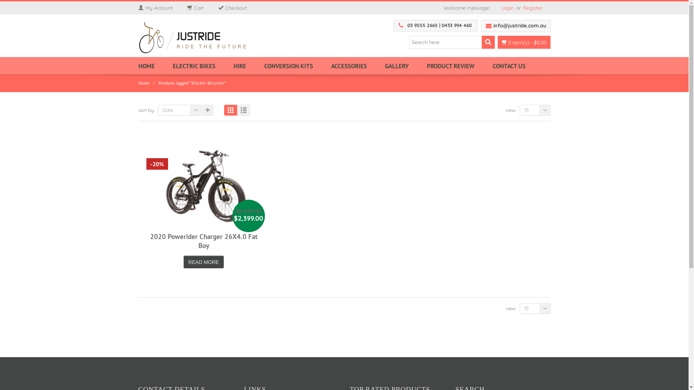 The image size is (694, 390). Describe the element at coordinates (459, 65) in the screenshot. I see `'PRODUCT REVIEW'` at that location.